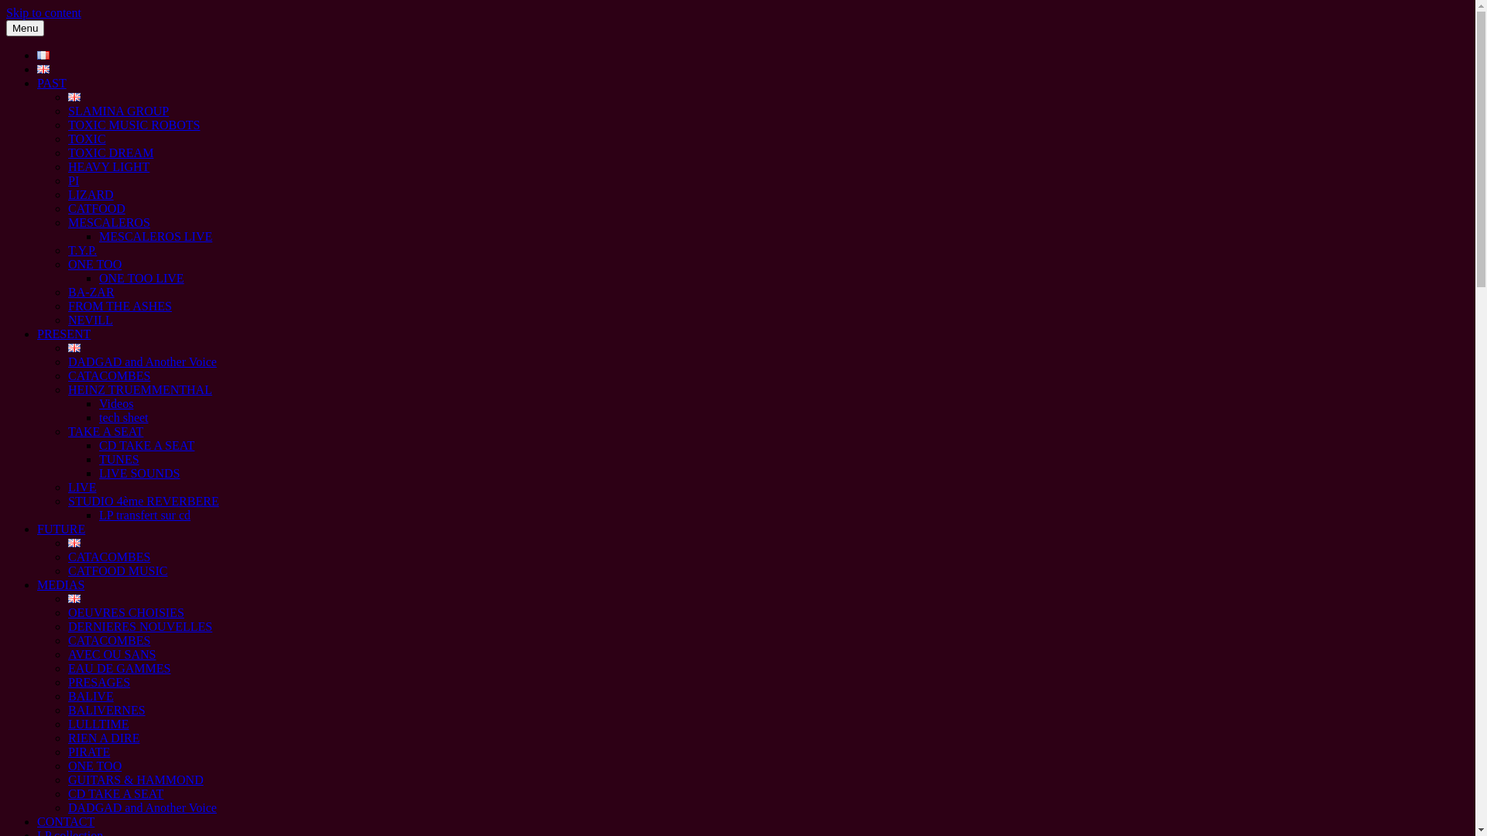  Describe the element at coordinates (111, 654) in the screenshot. I see `'AVEC OU SANS'` at that location.